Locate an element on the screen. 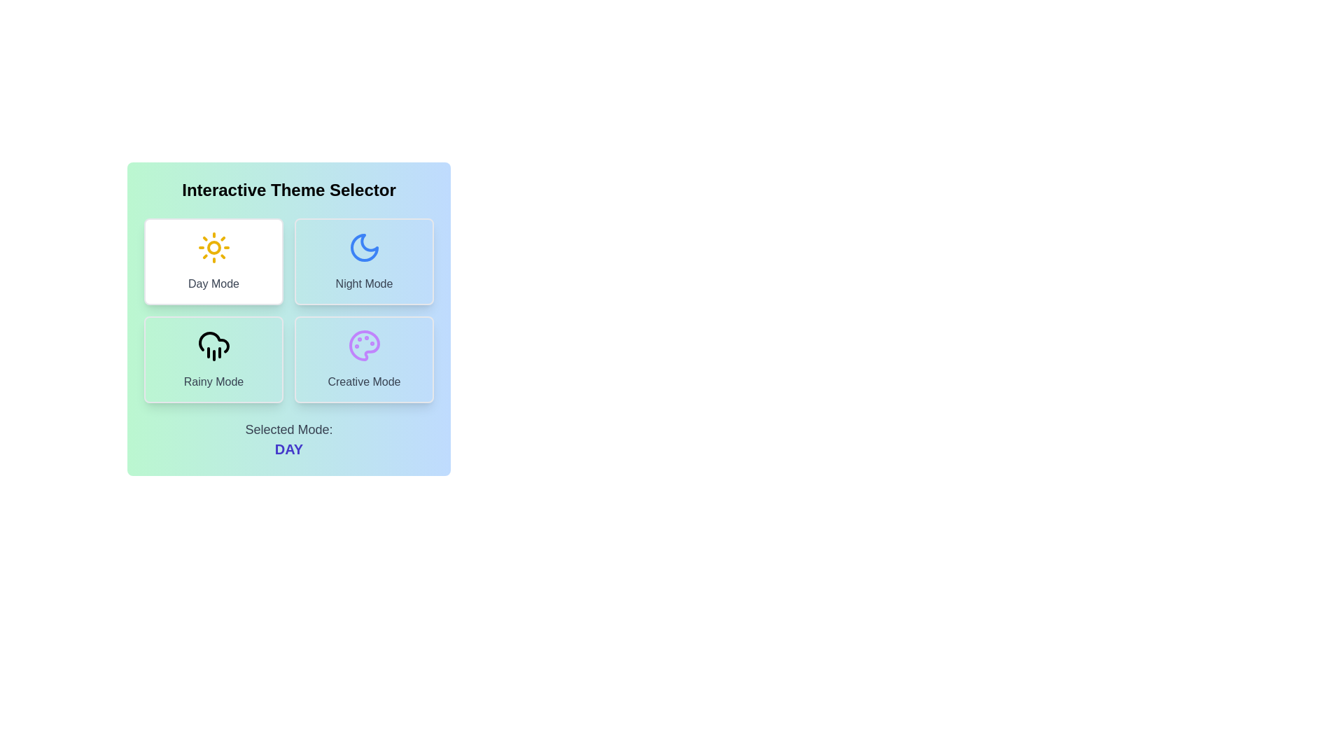 The width and height of the screenshot is (1344, 756). the Night Mode button to observe its hover effect is located at coordinates (364, 262).